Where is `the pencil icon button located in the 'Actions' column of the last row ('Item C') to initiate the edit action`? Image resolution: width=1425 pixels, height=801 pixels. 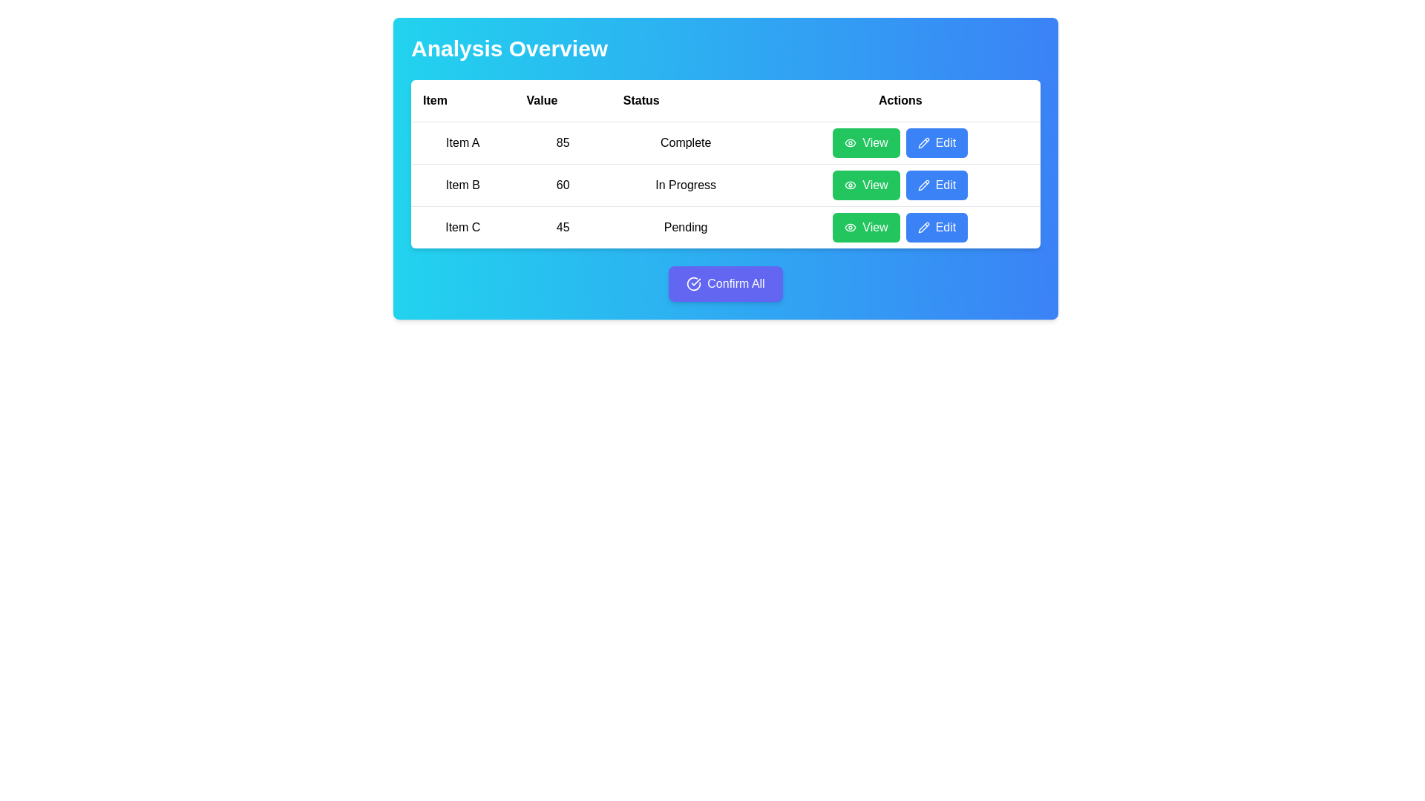
the pencil icon button located in the 'Actions' column of the last row ('Item C') to initiate the edit action is located at coordinates (923, 228).